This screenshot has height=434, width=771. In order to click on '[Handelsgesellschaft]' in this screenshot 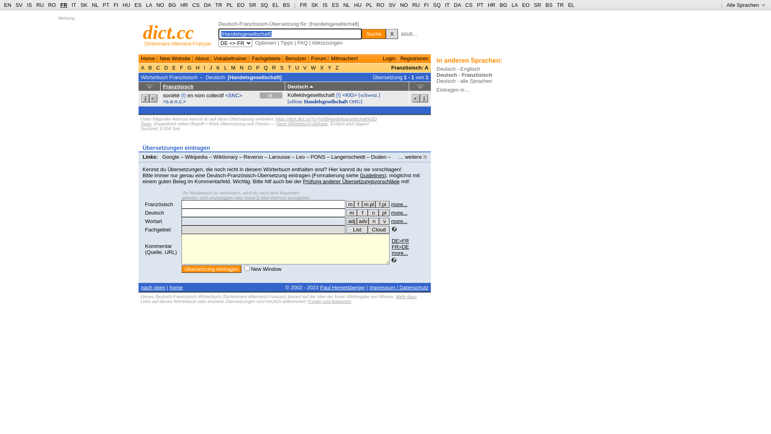, I will do `click(254, 77)`.